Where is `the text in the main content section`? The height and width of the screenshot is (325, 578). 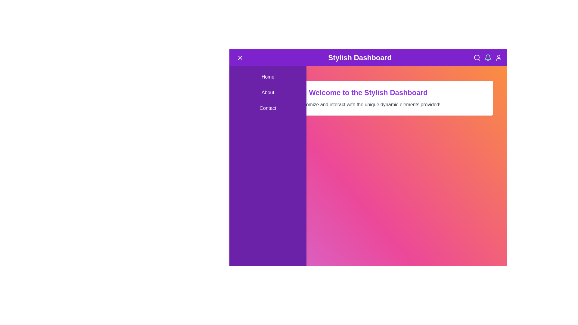 the text in the main content section is located at coordinates (251, 88).